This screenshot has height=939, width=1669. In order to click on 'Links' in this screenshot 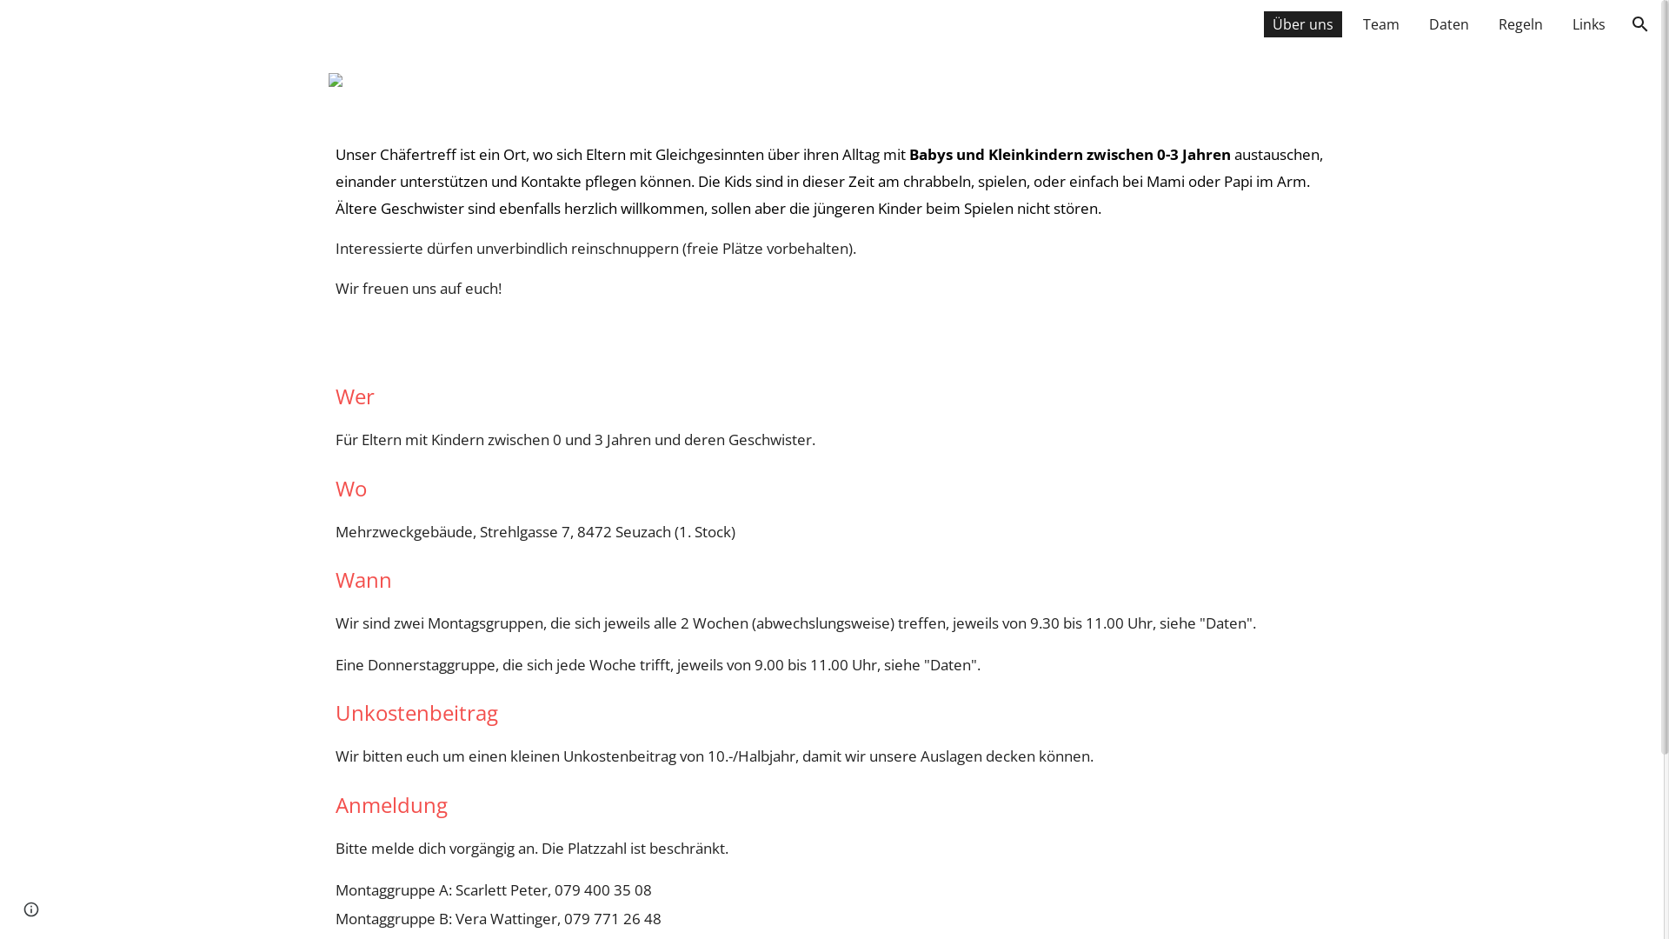, I will do `click(1589, 23)`.